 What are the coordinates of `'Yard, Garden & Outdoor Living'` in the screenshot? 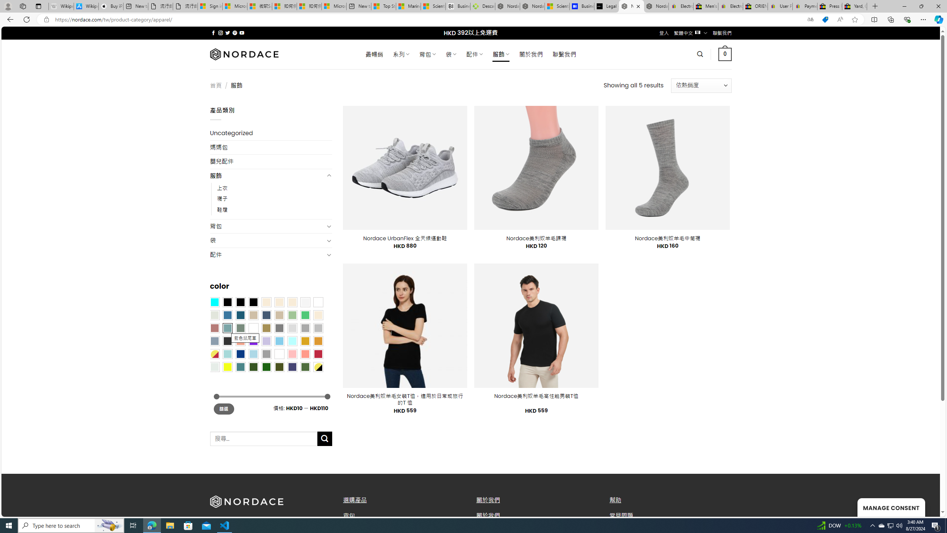 It's located at (855, 6).